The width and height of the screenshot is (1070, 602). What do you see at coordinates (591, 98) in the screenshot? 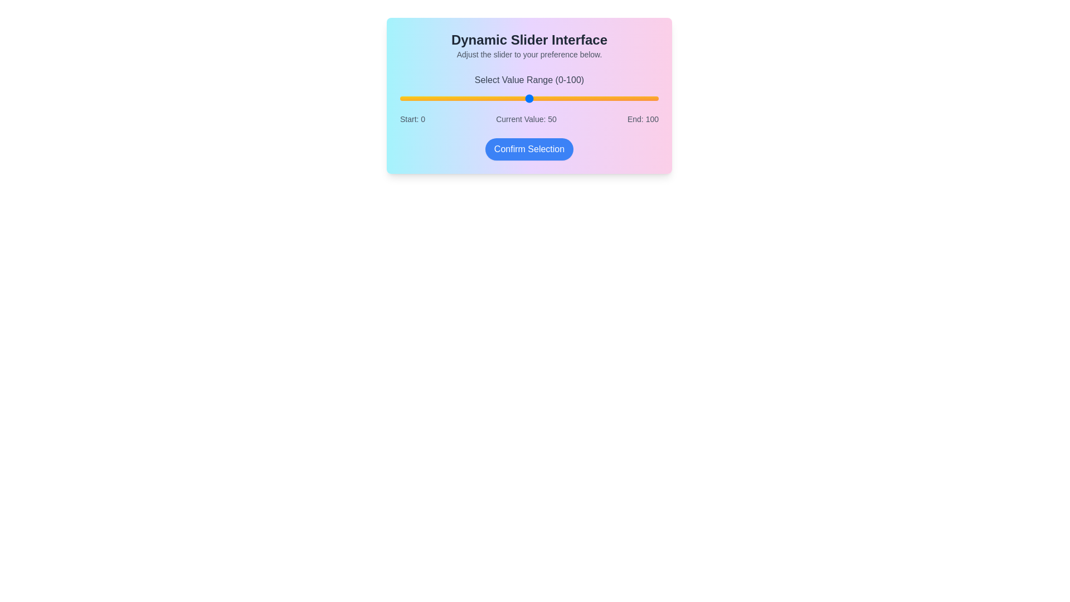
I see `the slider to set the value to 74` at bounding box center [591, 98].